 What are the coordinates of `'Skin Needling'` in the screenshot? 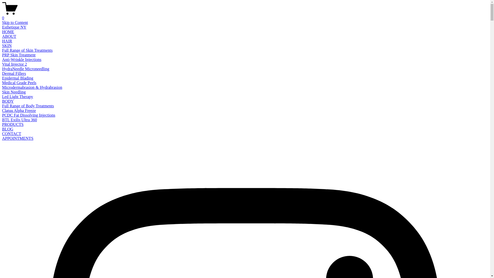 It's located at (14, 92).